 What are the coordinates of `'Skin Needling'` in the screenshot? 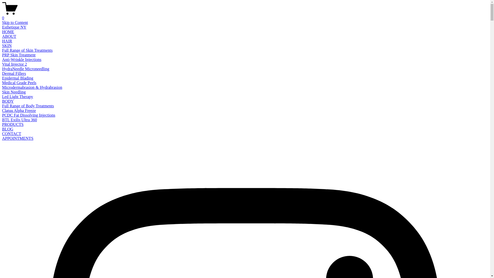 It's located at (14, 92).